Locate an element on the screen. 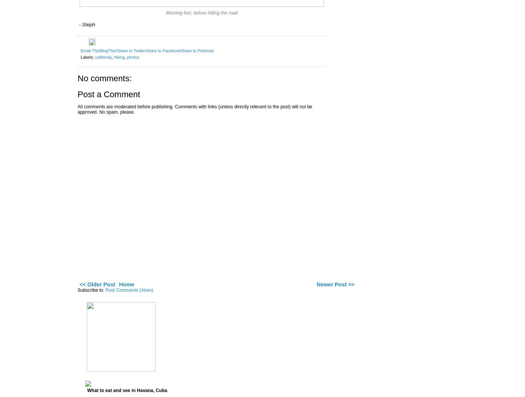  'Email This' is located at coordinates (80, 50).